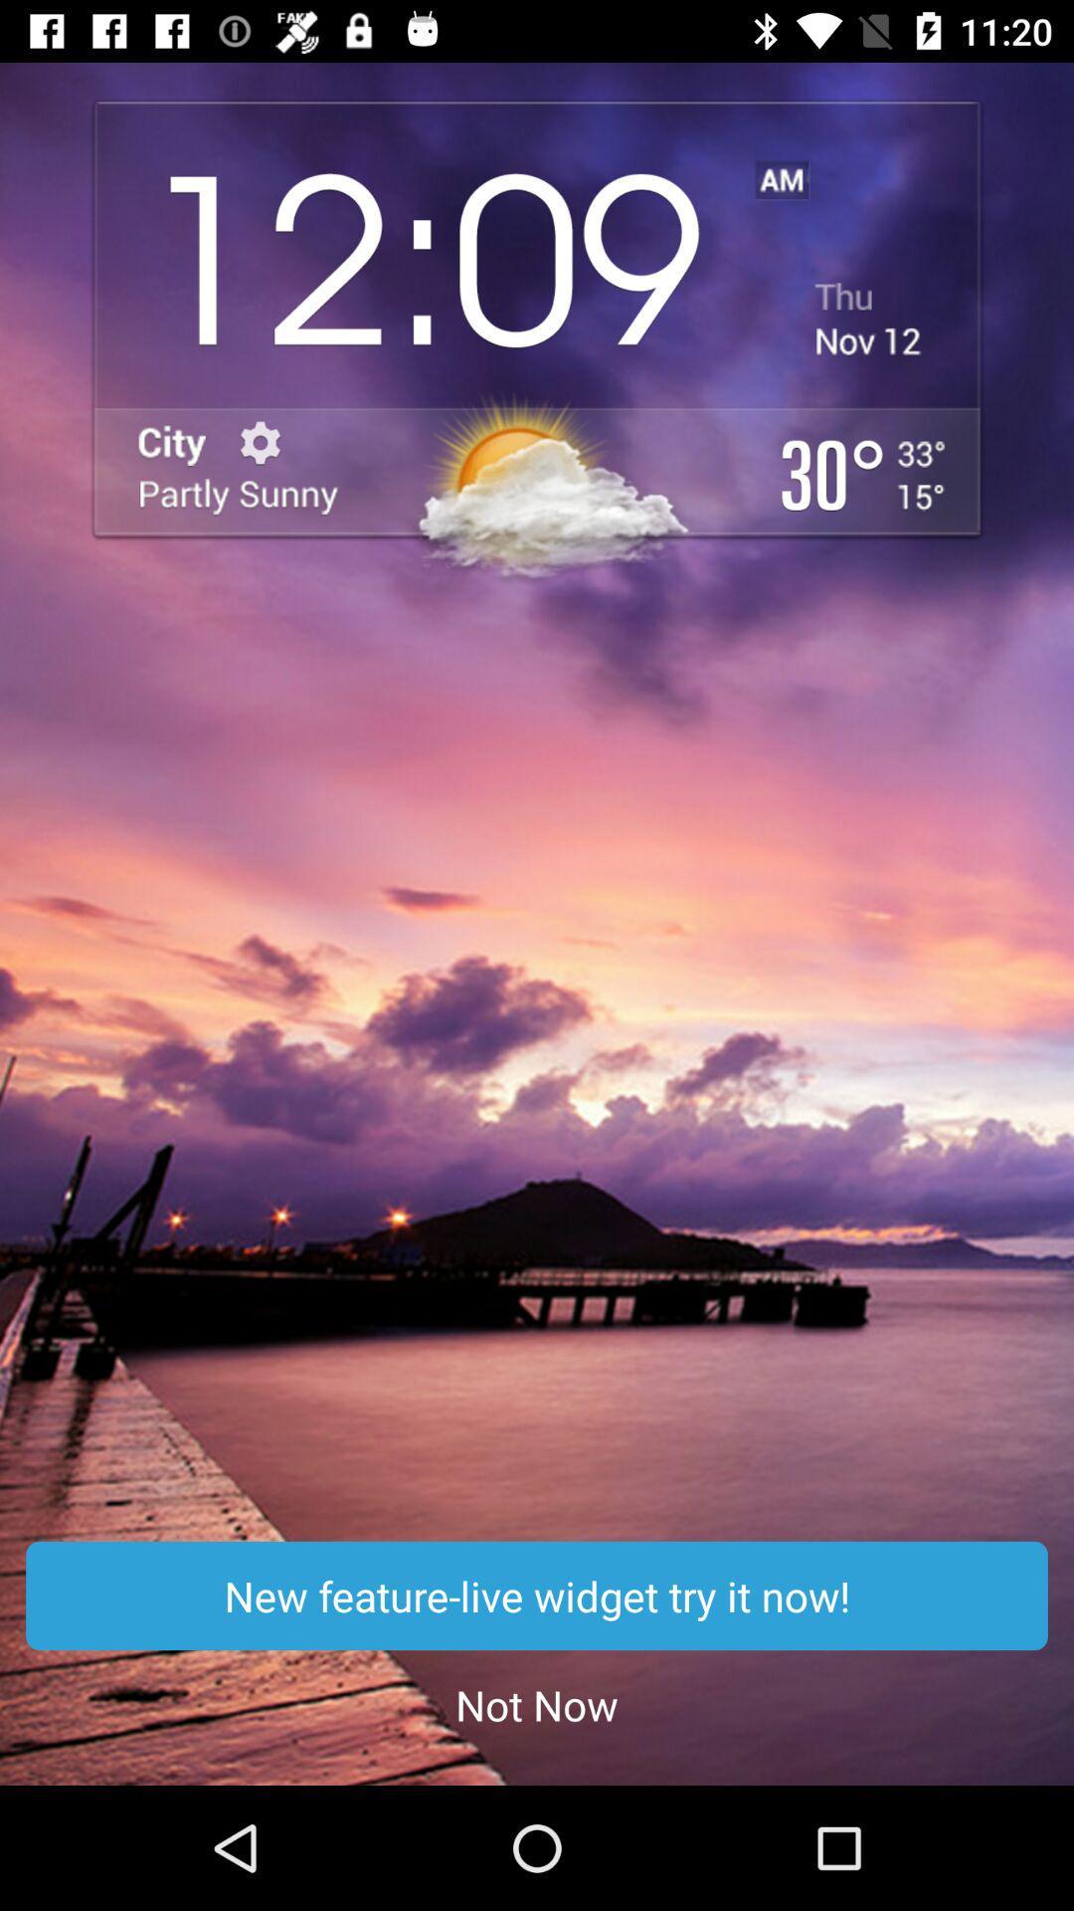  Describe the element at coordinates (537, 1704) in the screenshot. I see `the icon below new feature live` at that location.